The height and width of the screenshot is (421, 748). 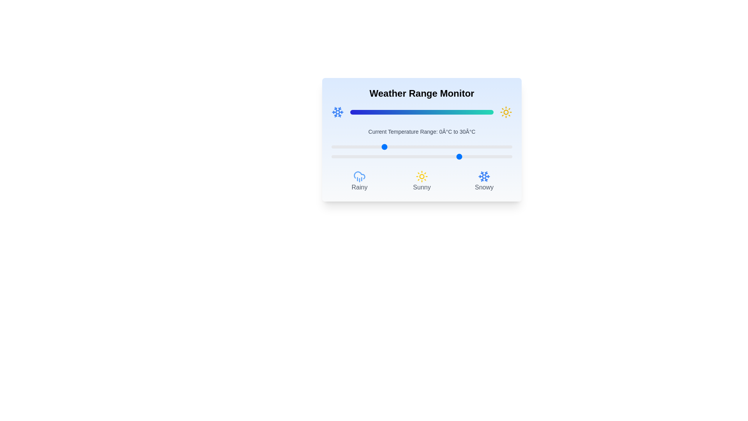 What do you see at coordinates (359, 181) in the screenshot?
I see `the icon indicating rainy weather conditions` at bounding box center [359, 181].